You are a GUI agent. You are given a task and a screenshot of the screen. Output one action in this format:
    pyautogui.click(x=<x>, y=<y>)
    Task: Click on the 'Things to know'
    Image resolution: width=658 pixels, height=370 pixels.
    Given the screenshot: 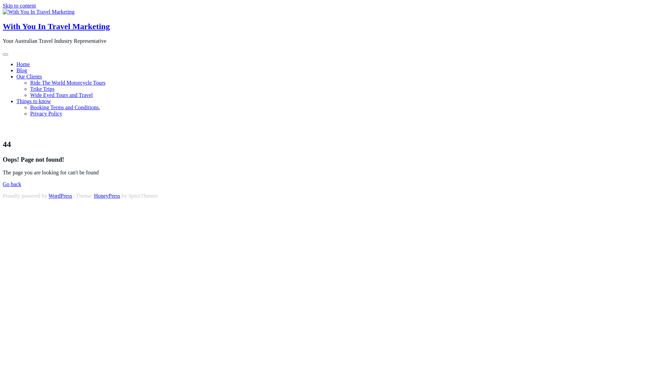 What is the action you would take?
    pyautogui.click(x=33, y=101)
    